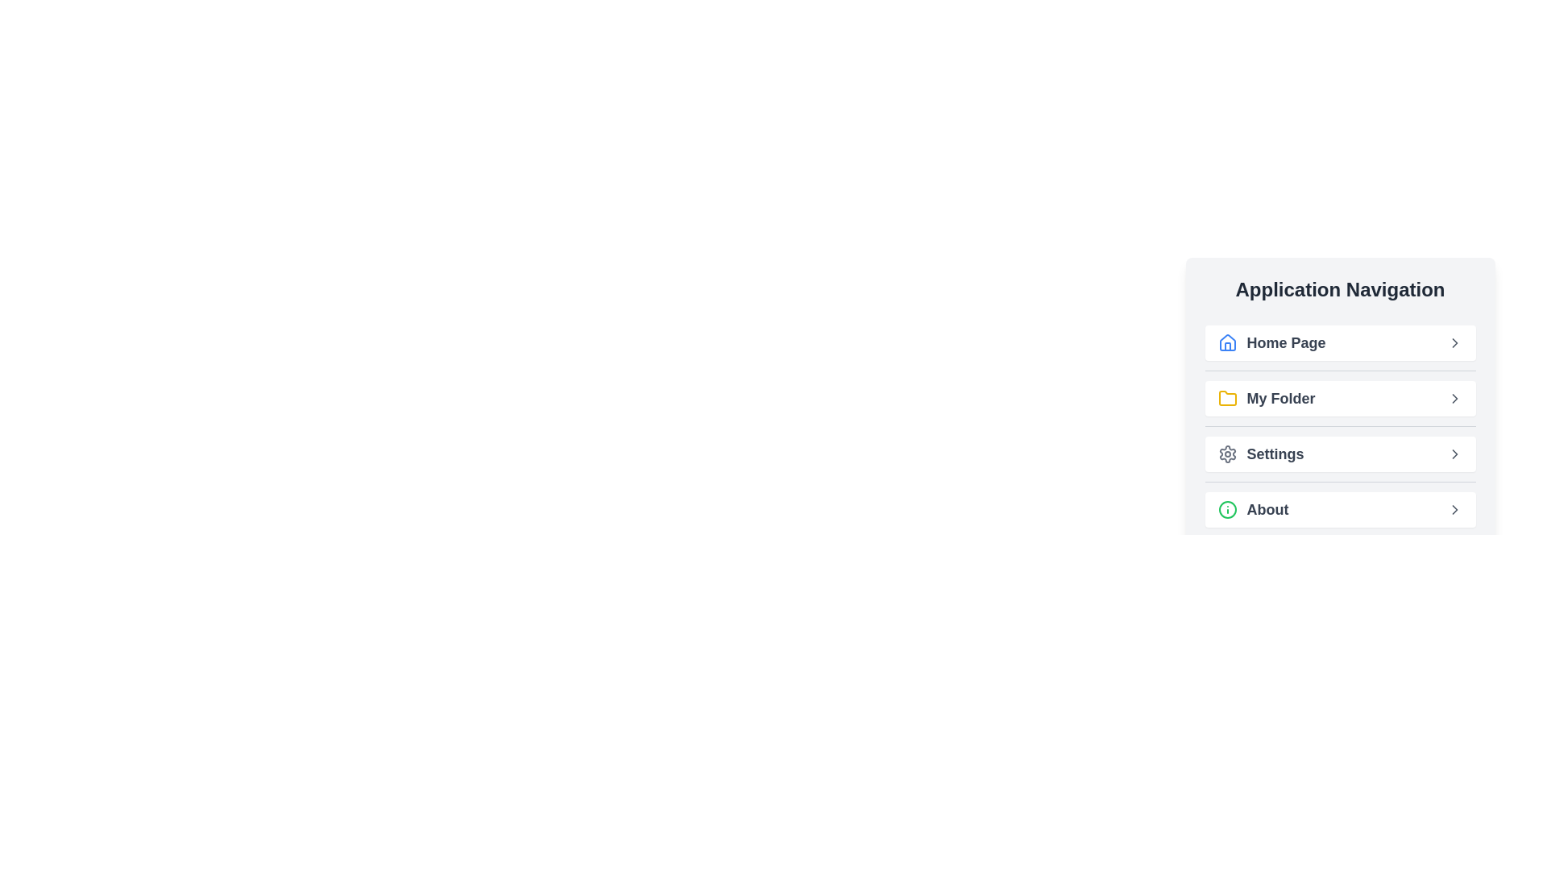 Image resolution: width=1547 pixels, height=870 pixels. I want to click on the third navigation menu item titled 'Settings' in the 'Application Navigation' menu, so click(1340, 454).